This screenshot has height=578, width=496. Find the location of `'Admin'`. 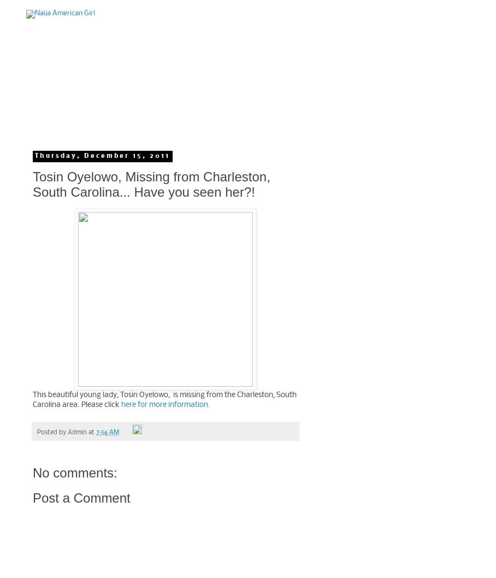

'Admin' is located at coordinates (68, 432).